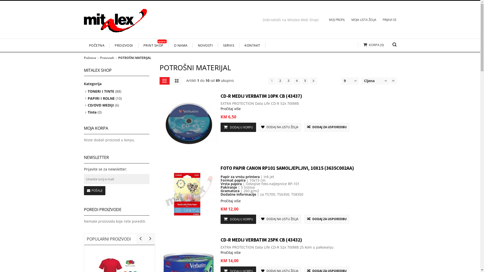 The width and height of the screenshot is (484, 272). What do you see at coordinates (323, 20) in the screenshot?
I see `'MOJ PROFIL'` at bounding box center [323, 20].